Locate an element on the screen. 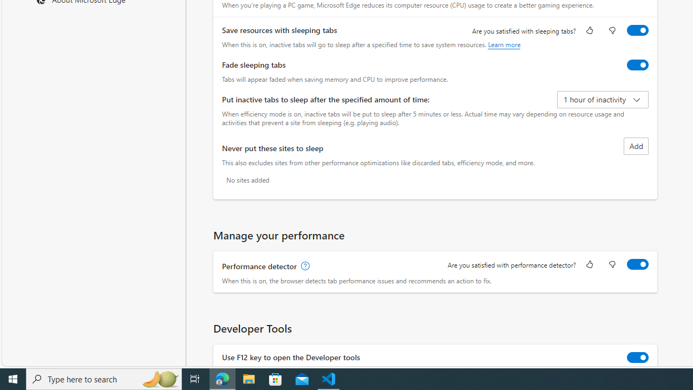 Image resolution: width=693 pixels, height=390 pixels. 'Learn more' is located at coordinates (504, 44).